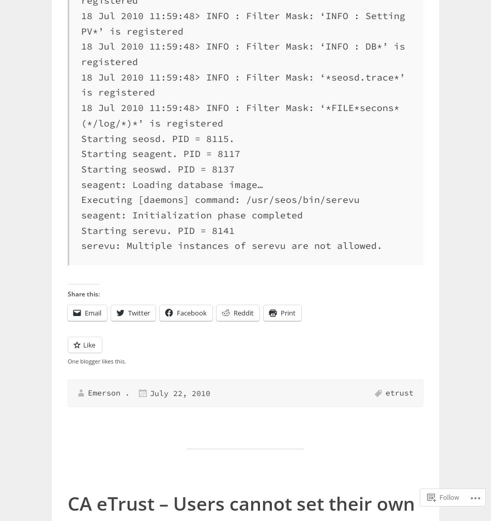 This screenshot has height=521, width=491. I want to click on 'Starting serevu. PID = 8141', so click(157, 229).